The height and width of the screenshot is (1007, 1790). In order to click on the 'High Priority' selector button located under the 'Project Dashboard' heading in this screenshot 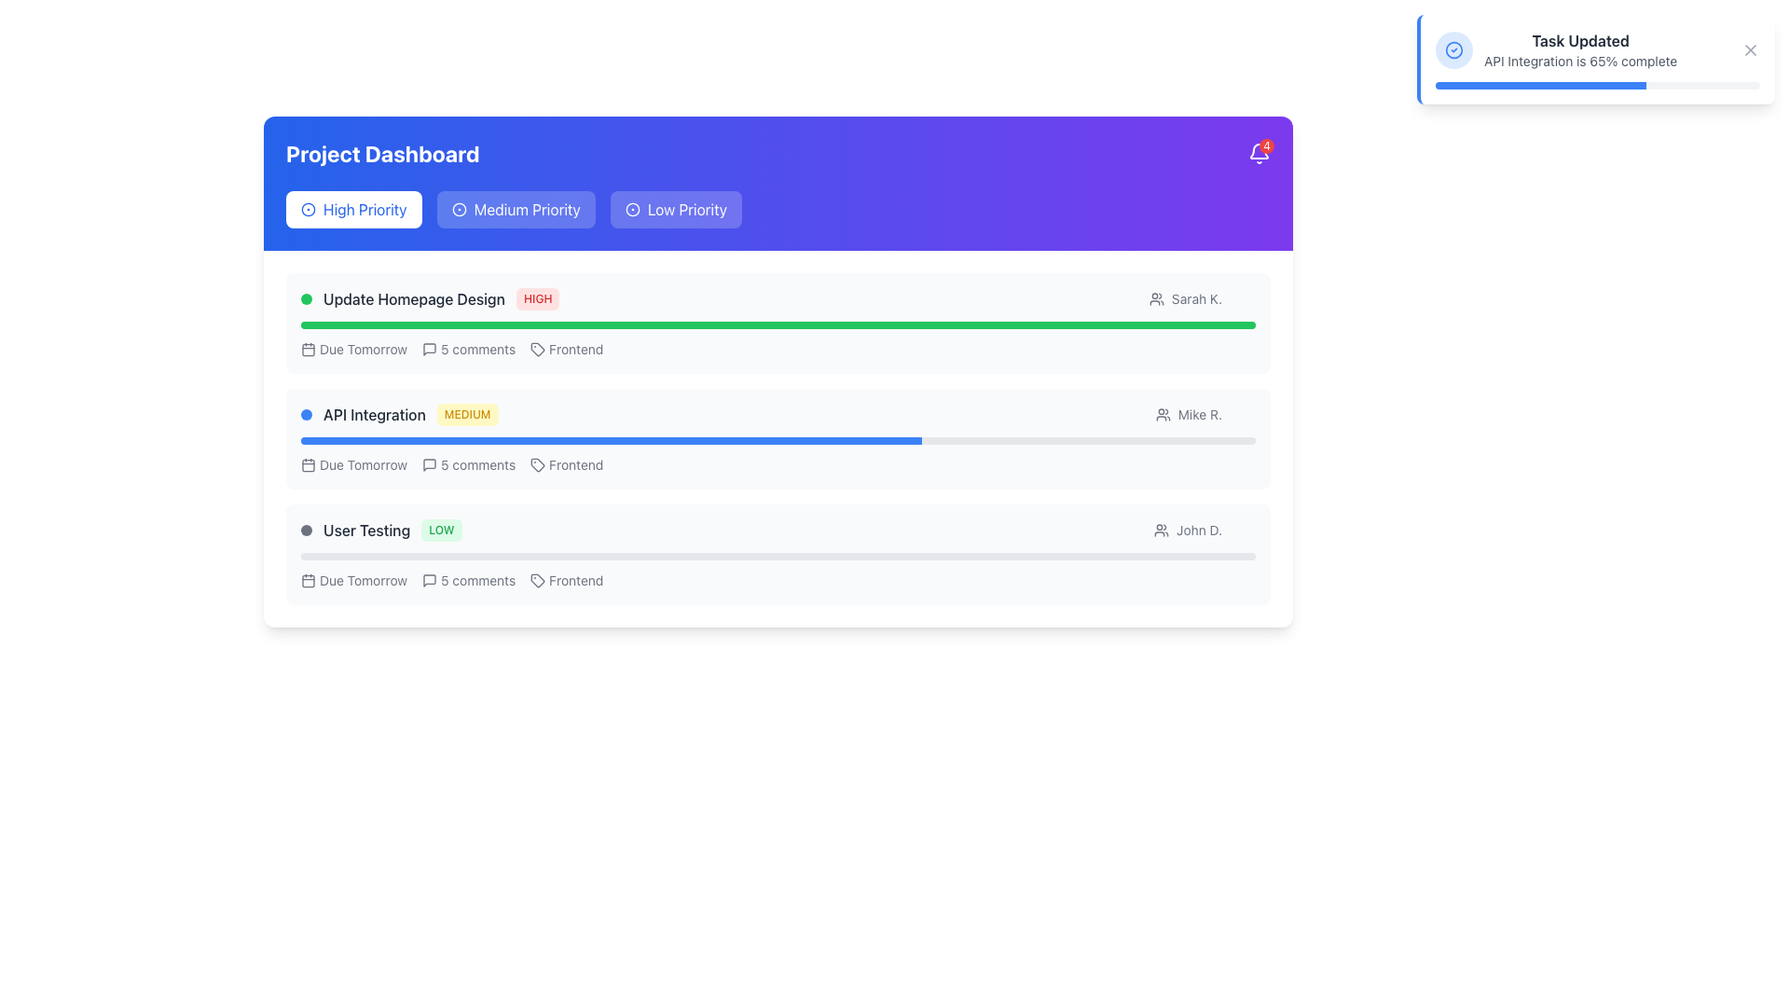, I will do `click(353, 209)`.